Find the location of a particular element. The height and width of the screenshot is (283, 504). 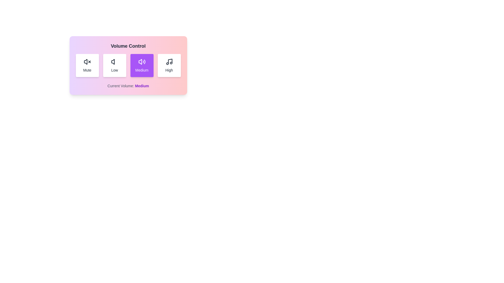

the volume button corresponding to Mute is located at coordinates (87, 65).